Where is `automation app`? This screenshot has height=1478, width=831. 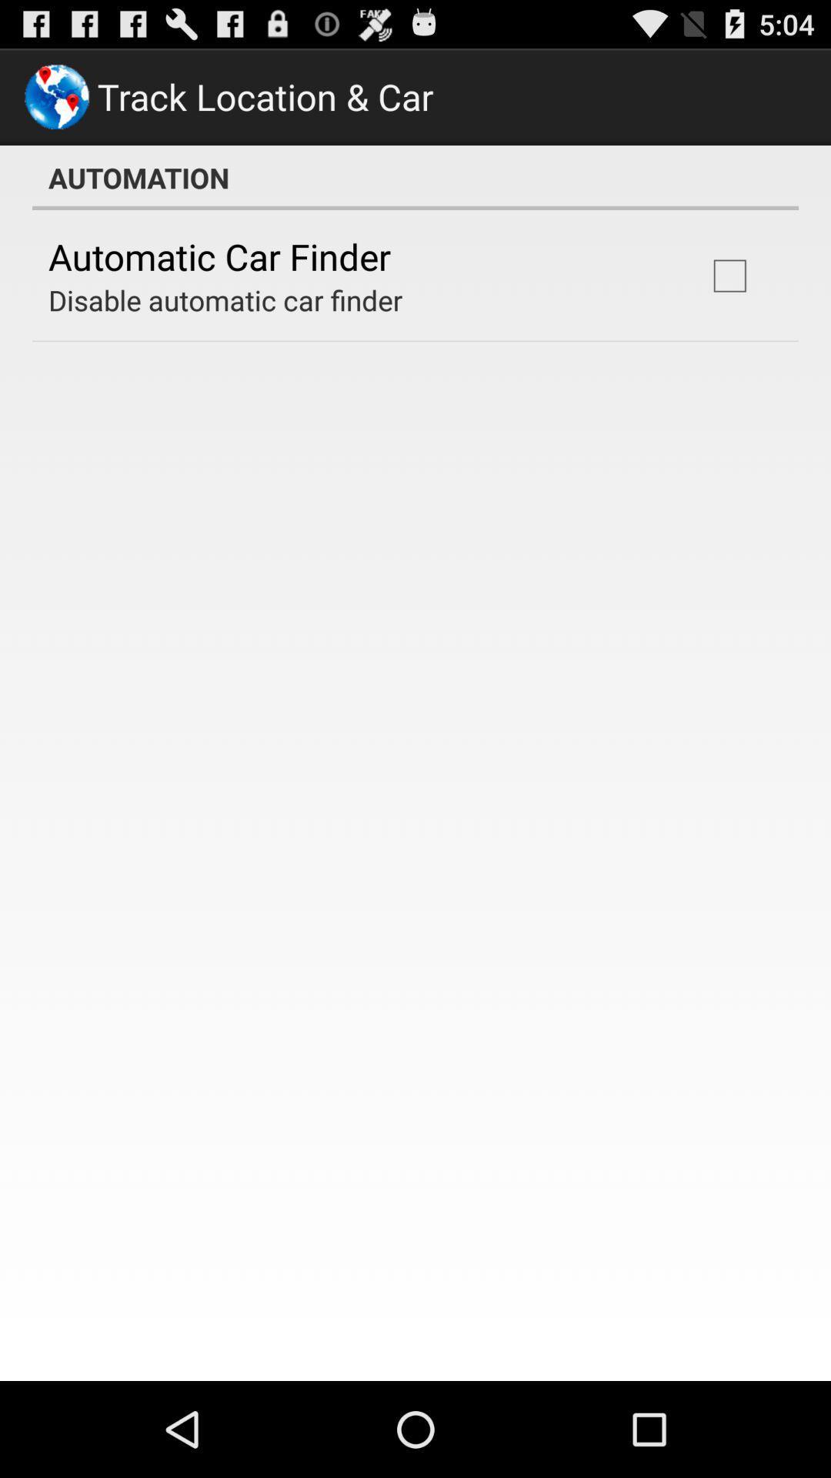
automation app is located at coordinates (415, 177).